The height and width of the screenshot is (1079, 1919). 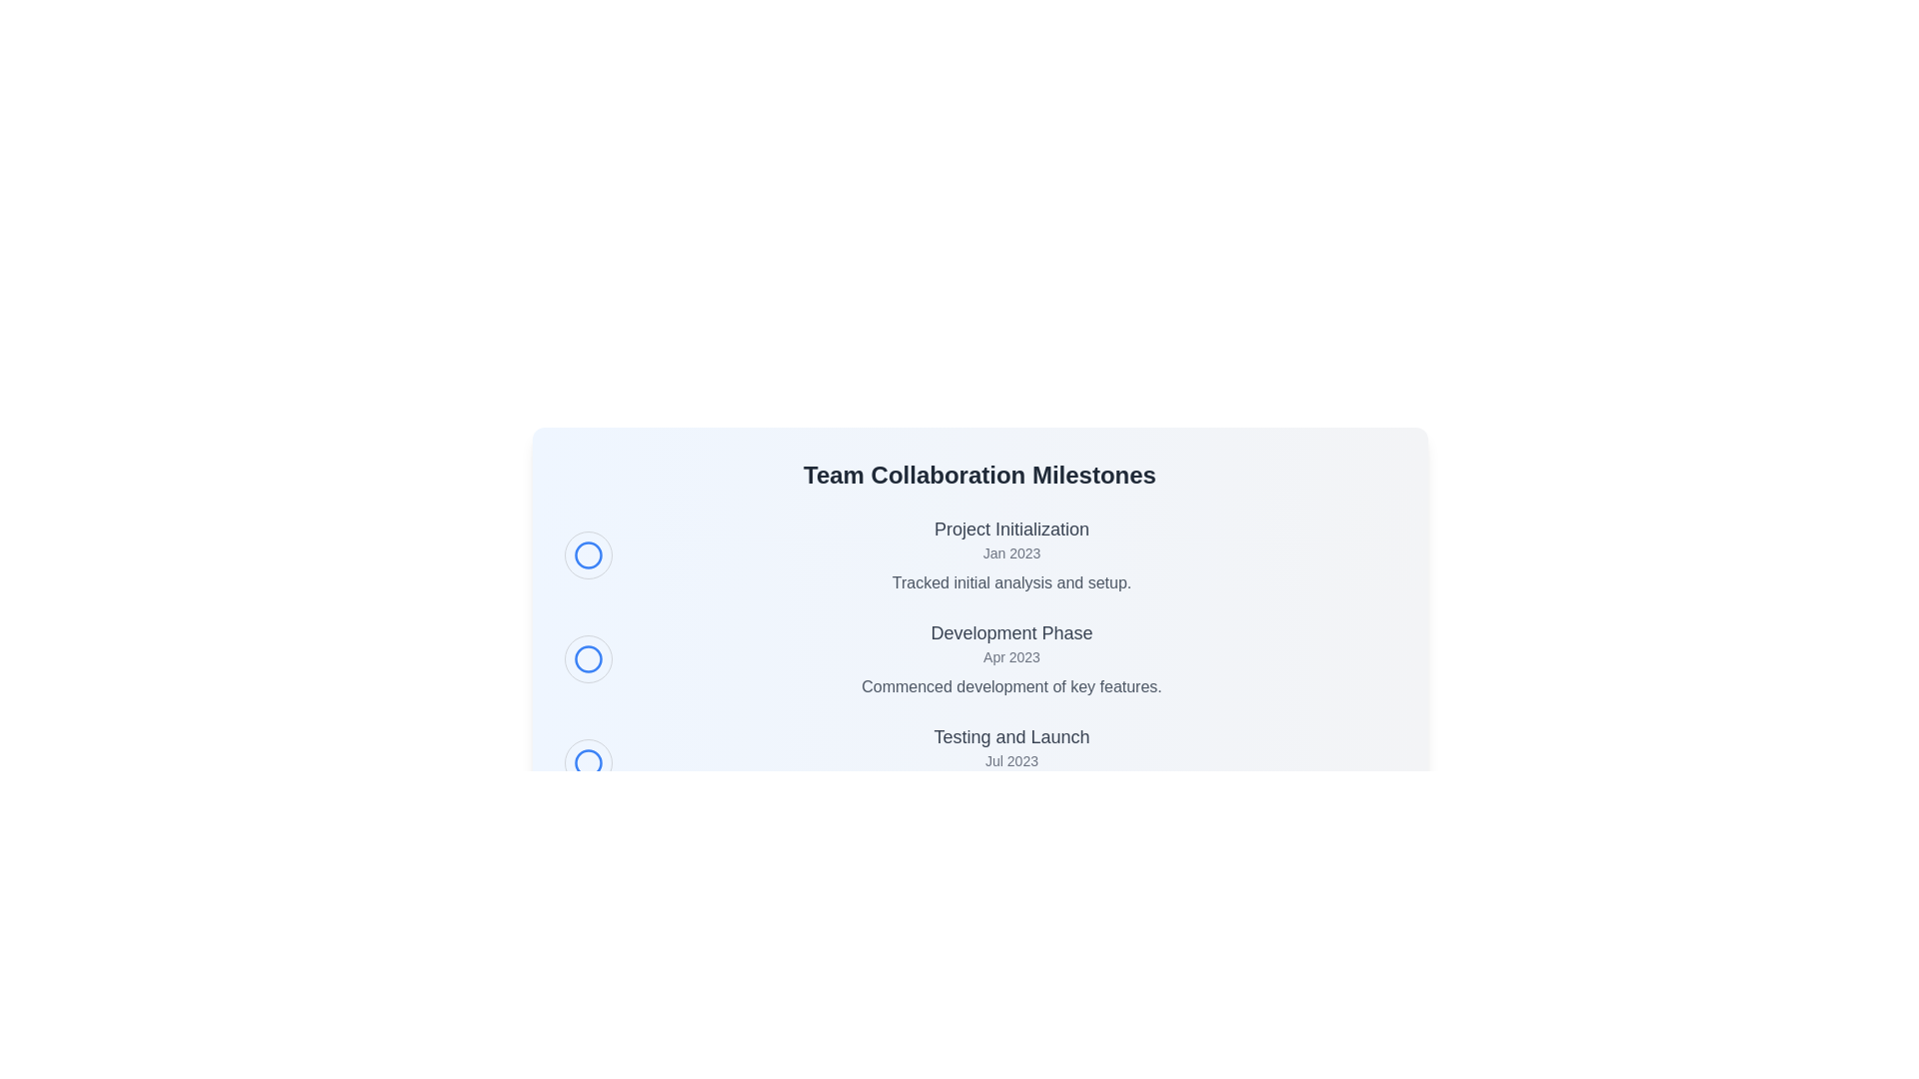 What do you see at coordinates (979, 762) in the screenshot?
I see `textual content of the Timeline Milestone Item titled 'Testing and Launch' with the date 'Jul 2023' and description 'Completed thorough tests and initiated rollout.'` at bounding box center [979, 762].